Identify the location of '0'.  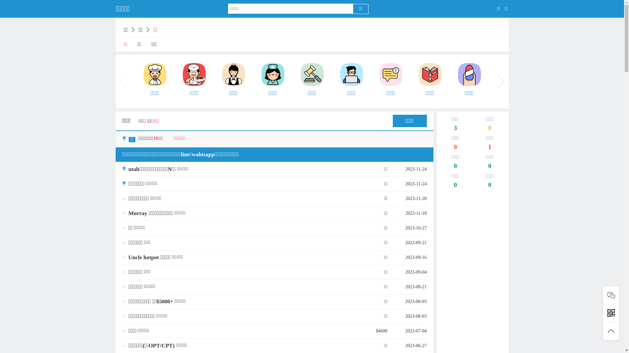
(489, 166).